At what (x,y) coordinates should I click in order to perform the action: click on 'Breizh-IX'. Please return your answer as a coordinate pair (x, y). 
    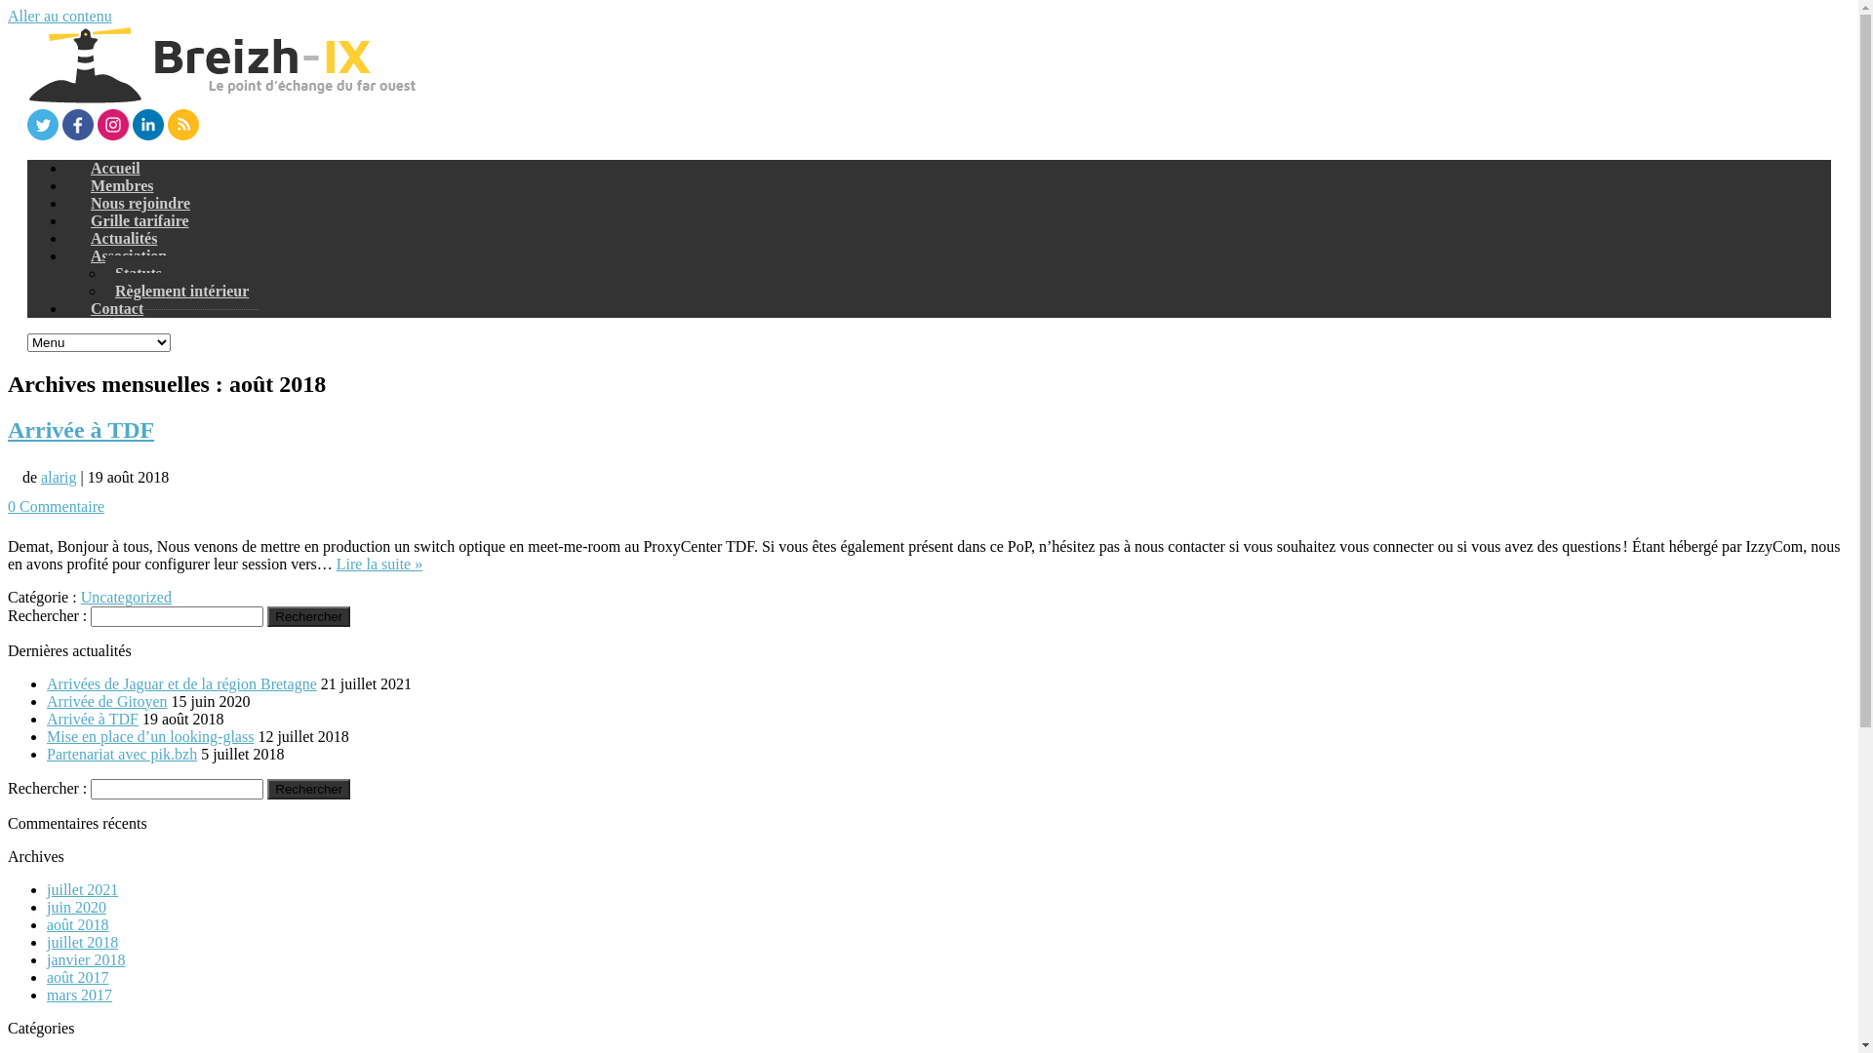
    Looking at the image, I should click on (222, 99).